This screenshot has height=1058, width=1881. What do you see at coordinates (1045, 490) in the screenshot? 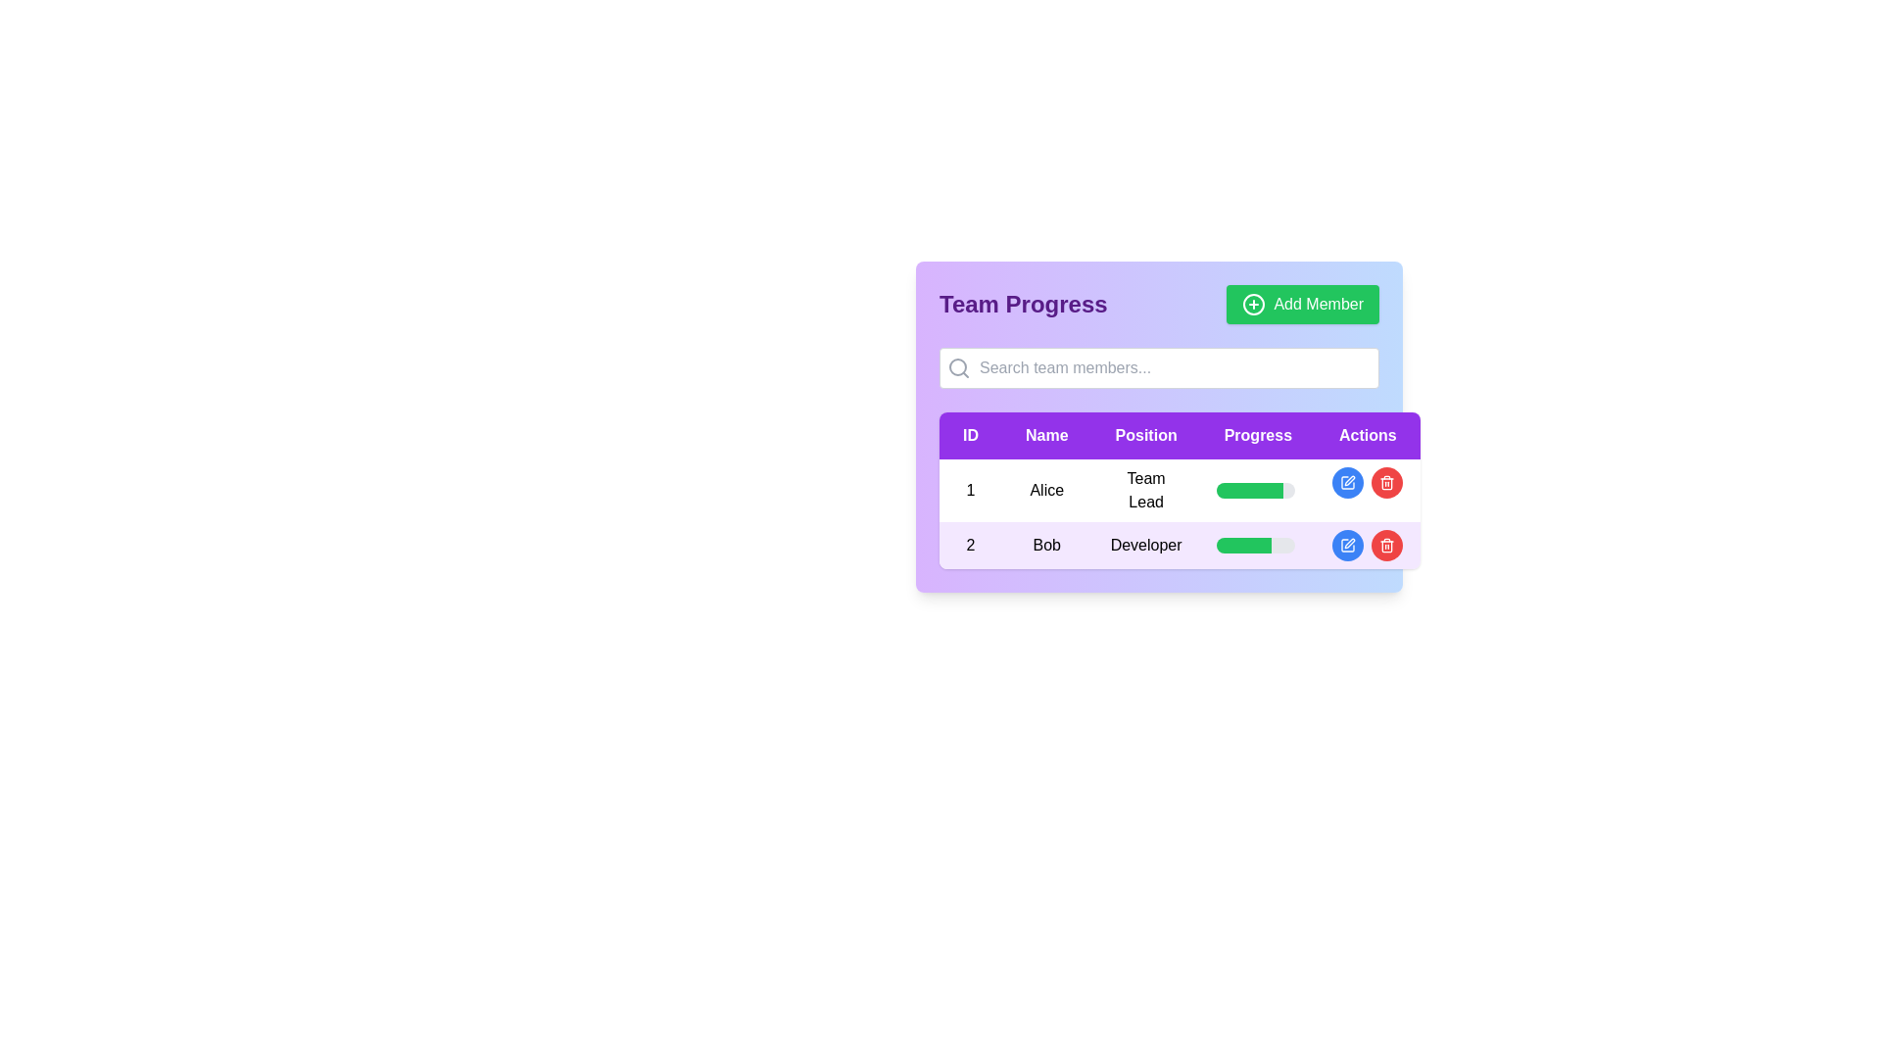
I see `the static text label displaying 'Alice' in the 'Name' column of the first row of the table layout` at bounding box center [1045, 490].